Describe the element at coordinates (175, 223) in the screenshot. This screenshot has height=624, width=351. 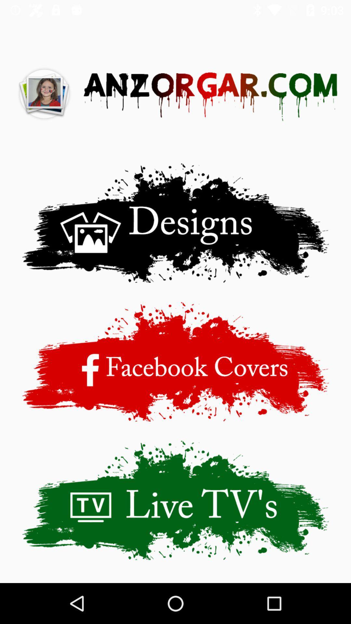
I see `the designs` at that location.